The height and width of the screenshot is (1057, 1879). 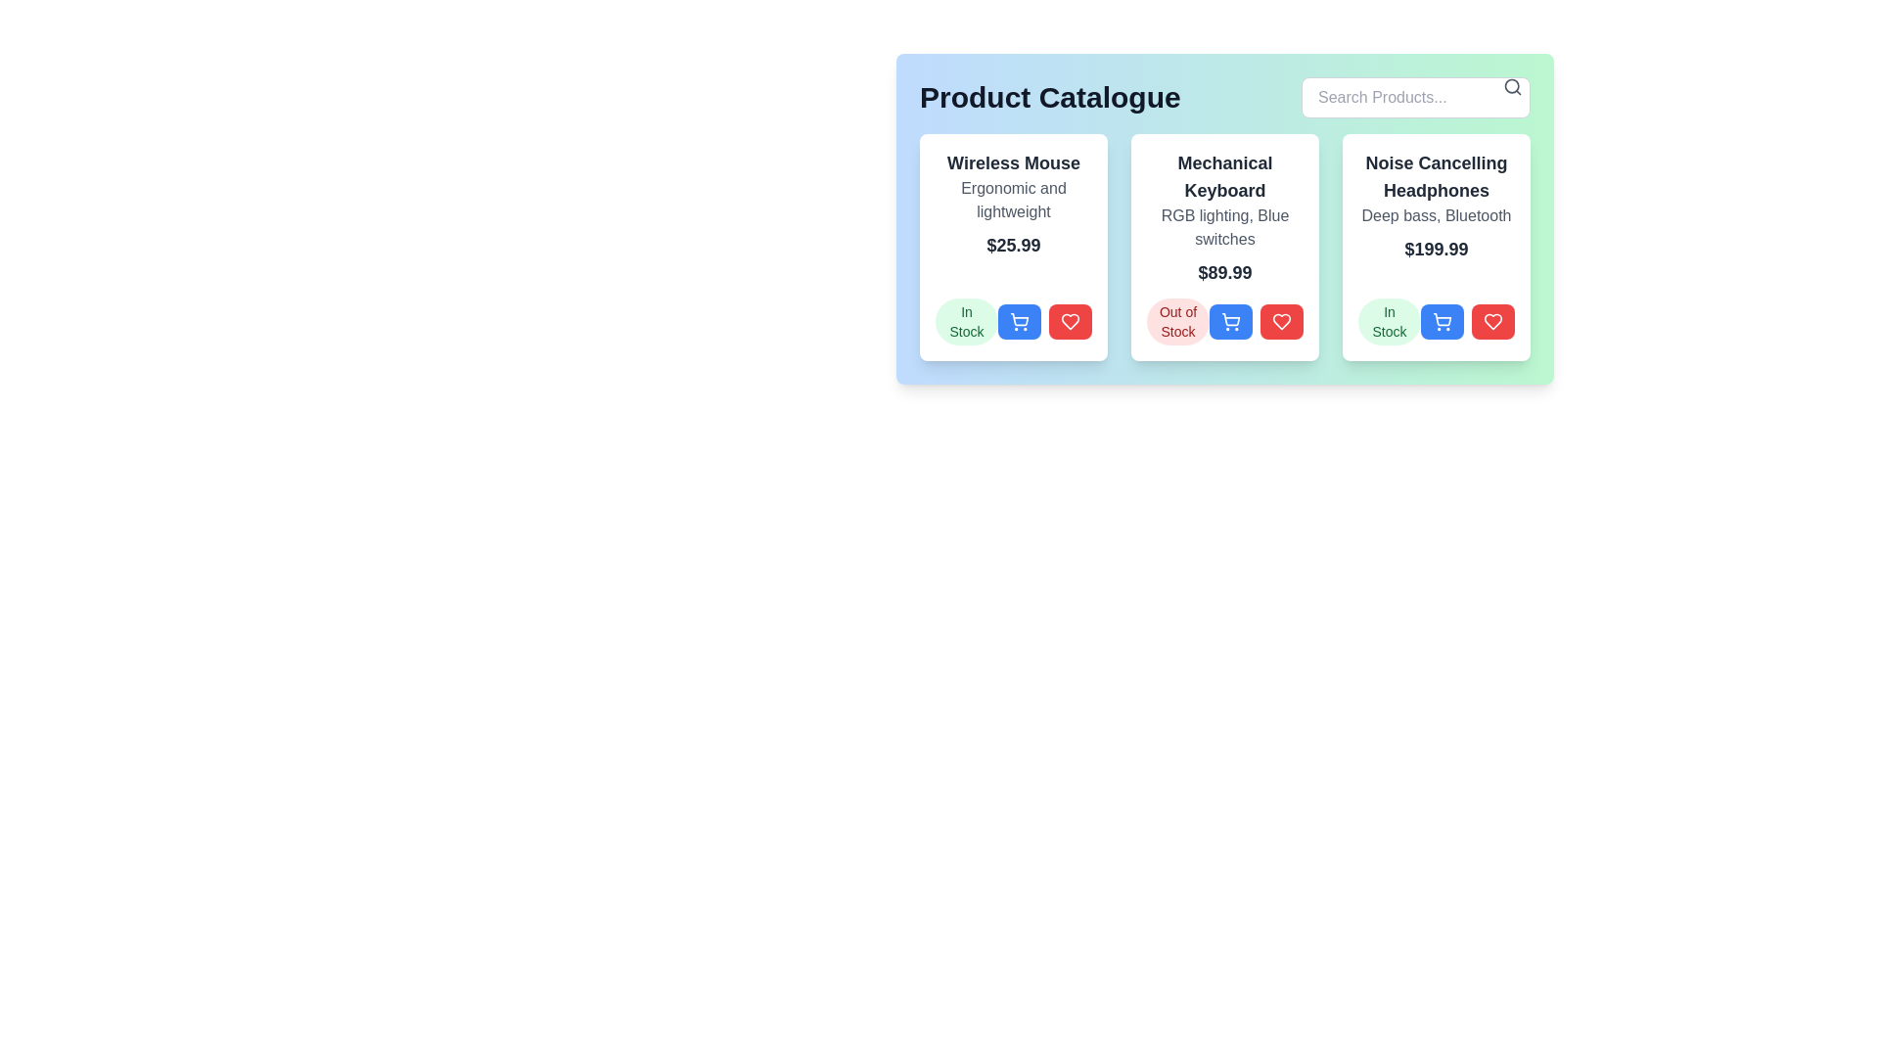 What do you see at coordinates (1049, 98) in the screenshot?
I see `title 'Product Catalogue' located in the top-left area of the header section, which is the largest text element among its siblings` at bounding box center [1049, 98].